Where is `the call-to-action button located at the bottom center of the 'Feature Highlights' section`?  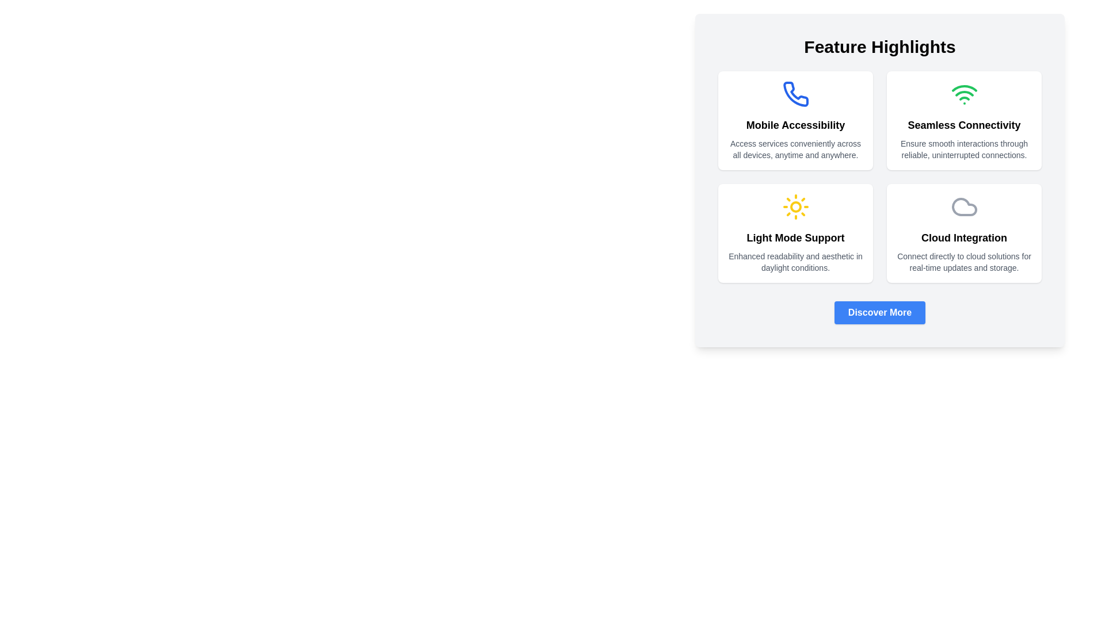
the call-to-action button located at the bottom center of the 'Feature Highlights' section is located at coordinates (879, 312).